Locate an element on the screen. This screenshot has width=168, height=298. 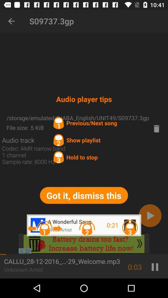
advertisement is located at coordinates (84, 244).